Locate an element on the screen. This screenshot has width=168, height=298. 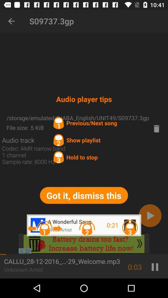
advertisement is located at coordinates (84, 244).